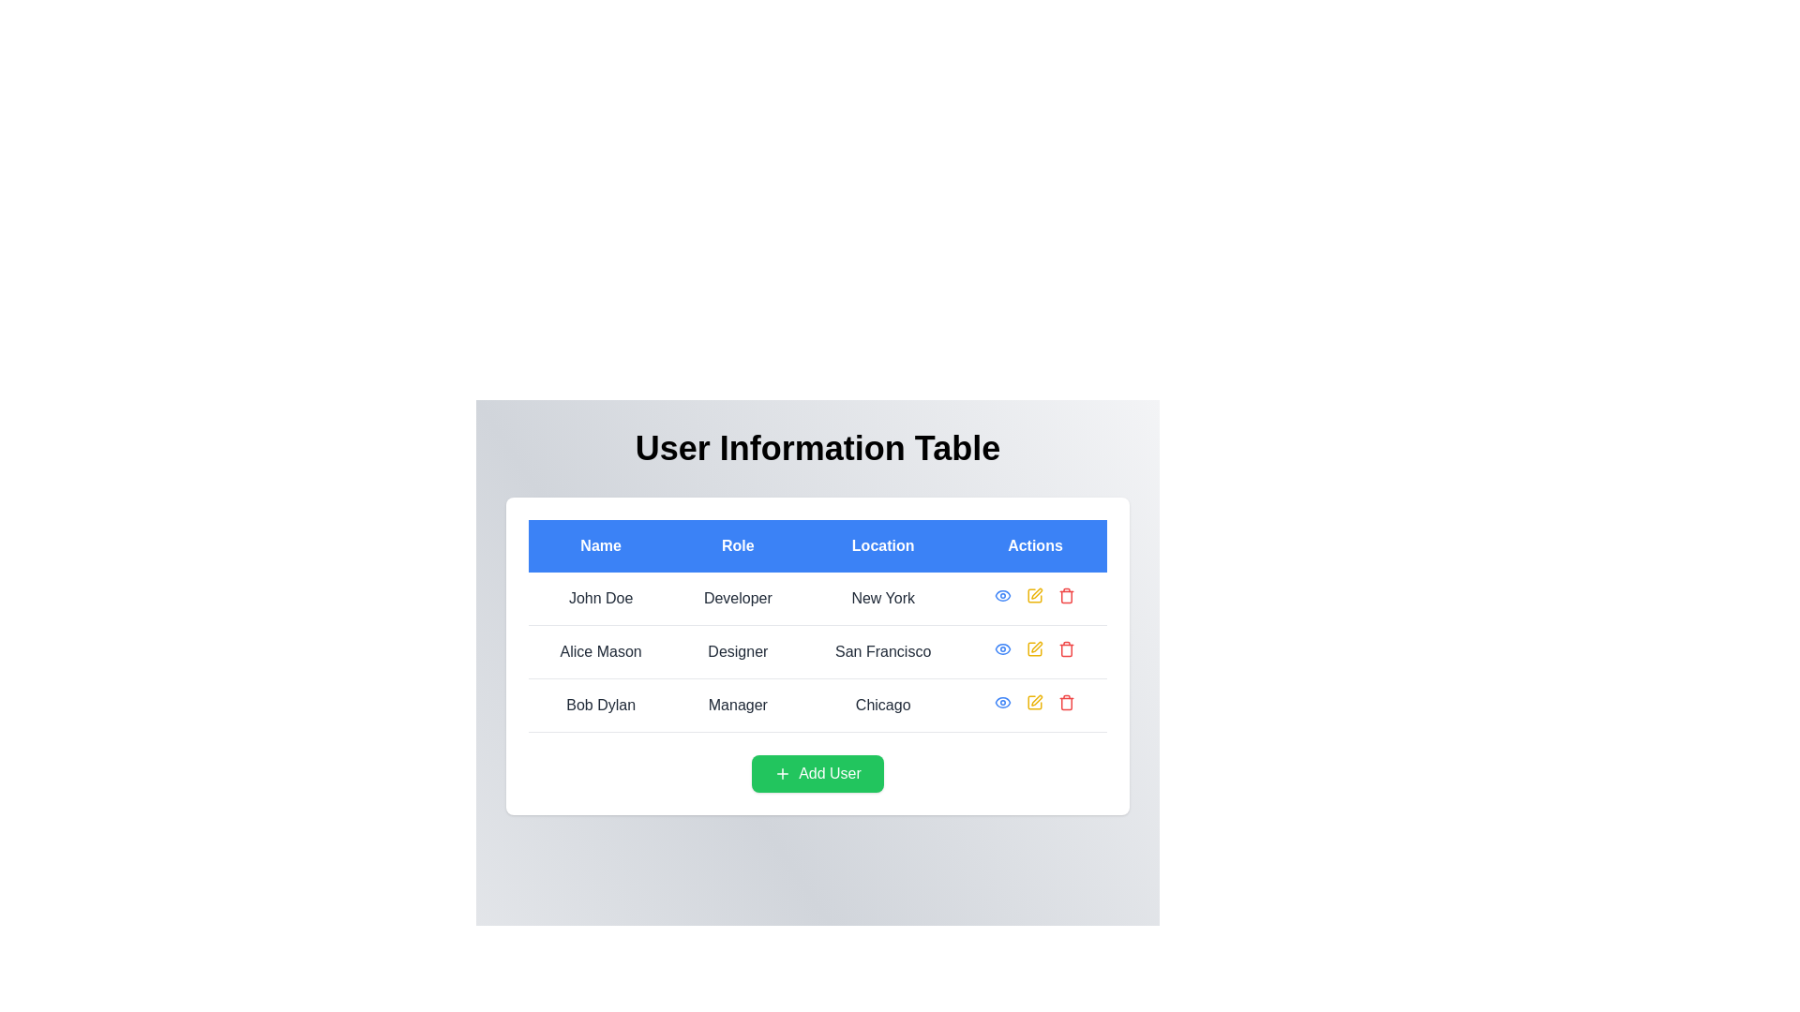  What do you see at coordinates (1034, 702) in the screenshot?
I see `the 'Edit' button, which is the second icon in the 'Actions' column of the last row in the user information table, to initiate editing the entry` at bounding box center [1034, 702].